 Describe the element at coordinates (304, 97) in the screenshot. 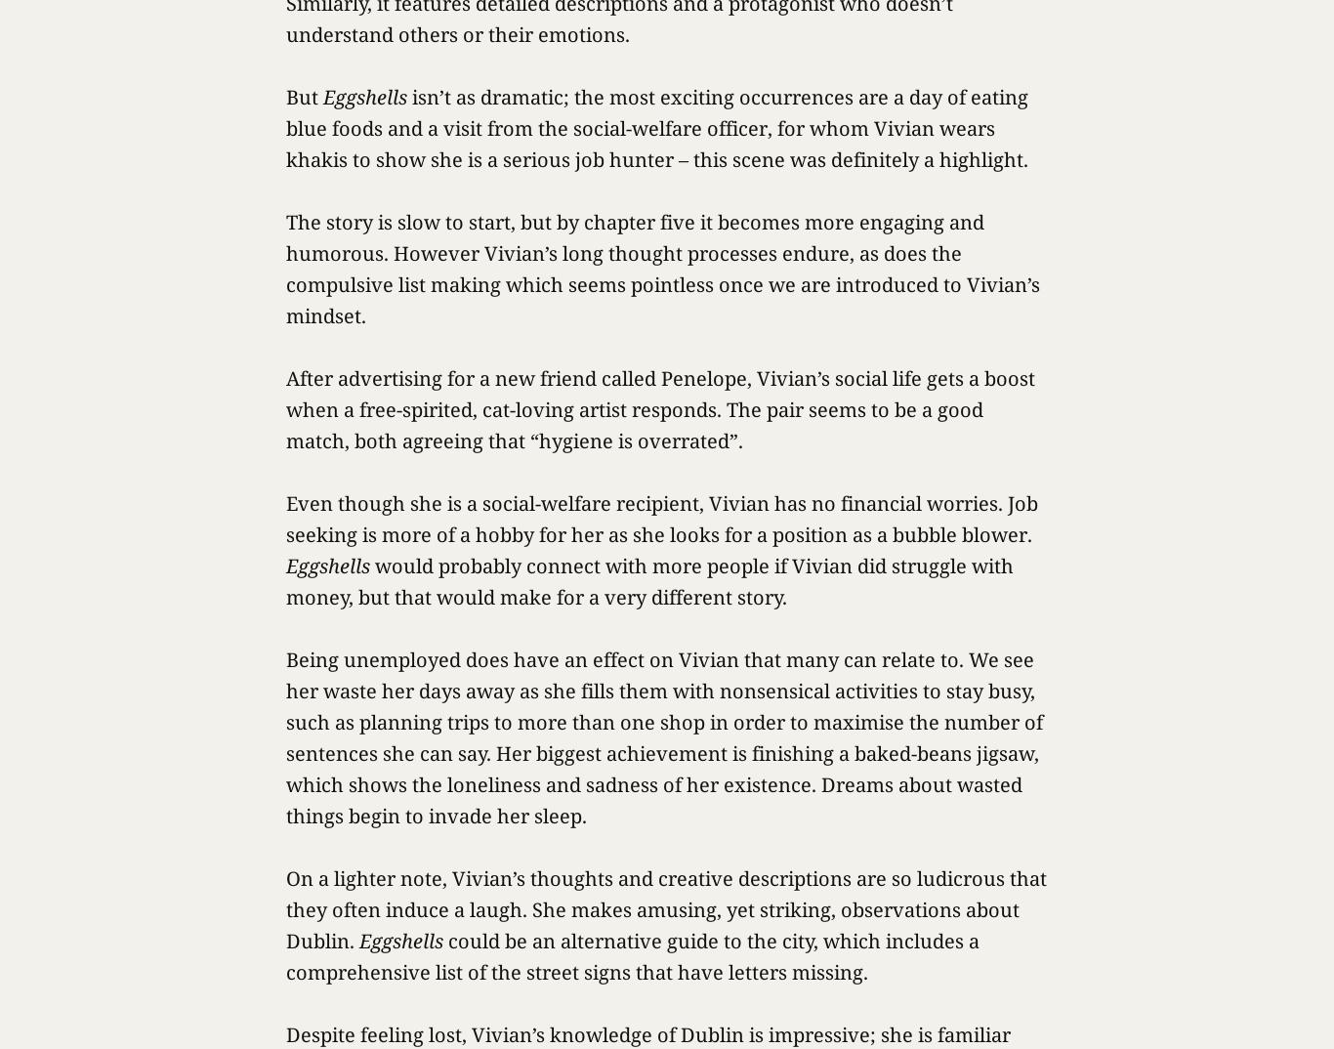

I see `'But'` at that location.